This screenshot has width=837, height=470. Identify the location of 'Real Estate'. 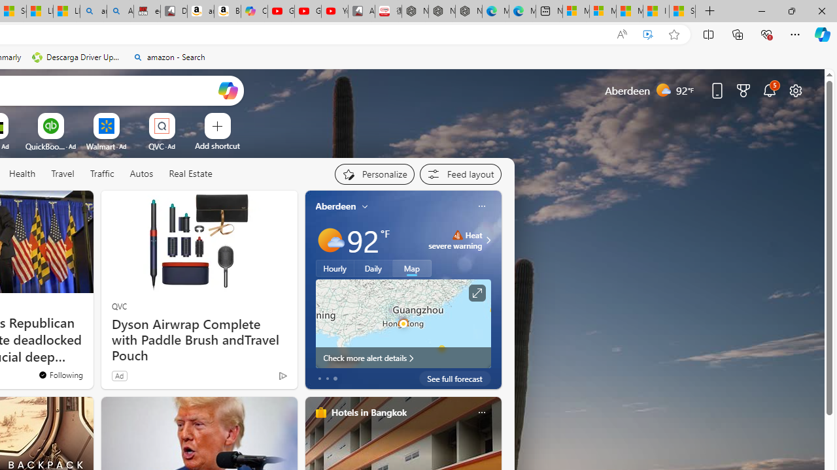
(190, 173).